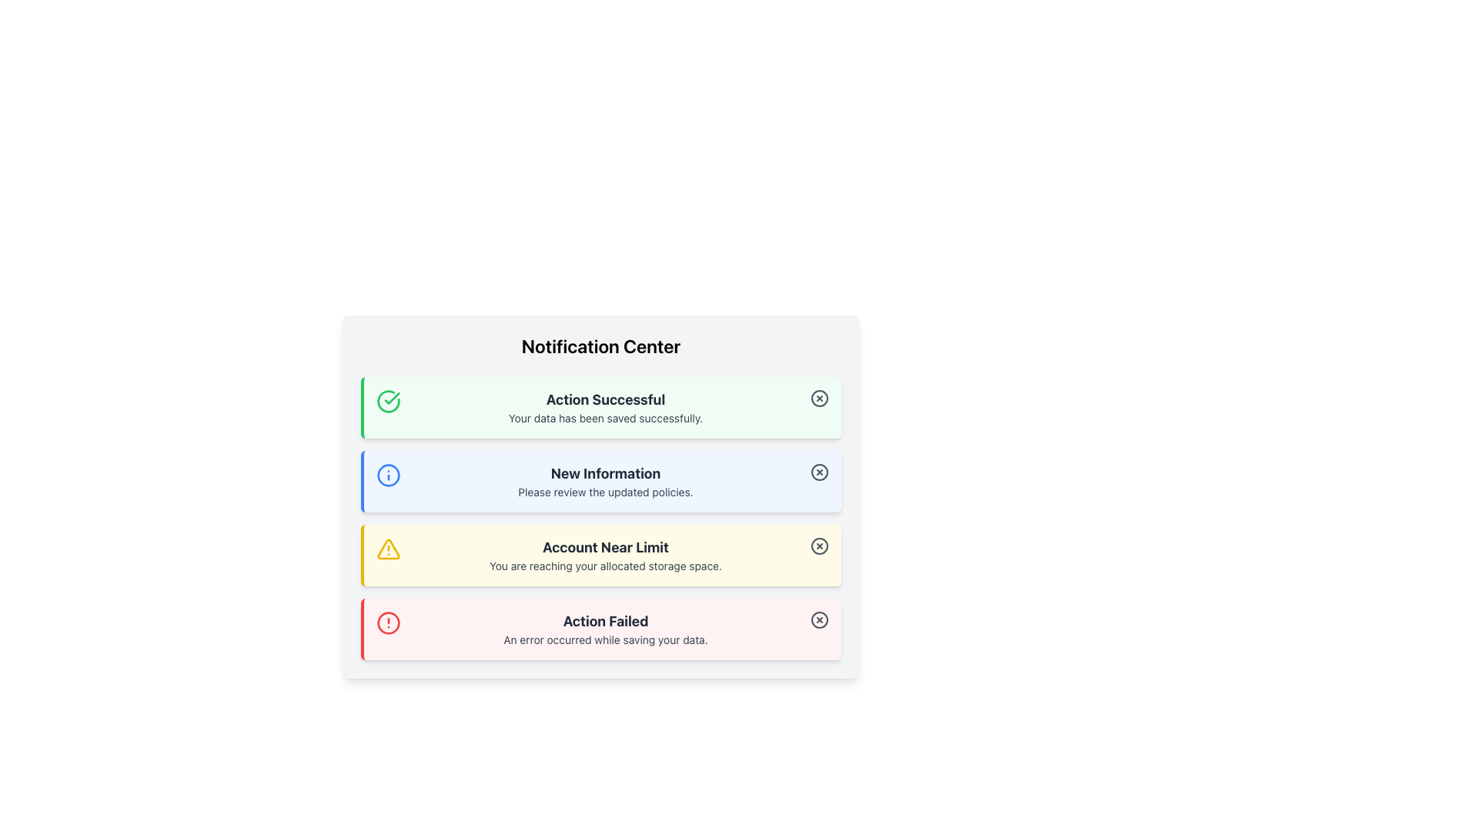  What do you see at coordinates (600, 555) in the screenshot?
I see `the third Notification Card in the Notification Center, which alerts the user about their account nearing its storage limit` at bounding box center [600, 555].